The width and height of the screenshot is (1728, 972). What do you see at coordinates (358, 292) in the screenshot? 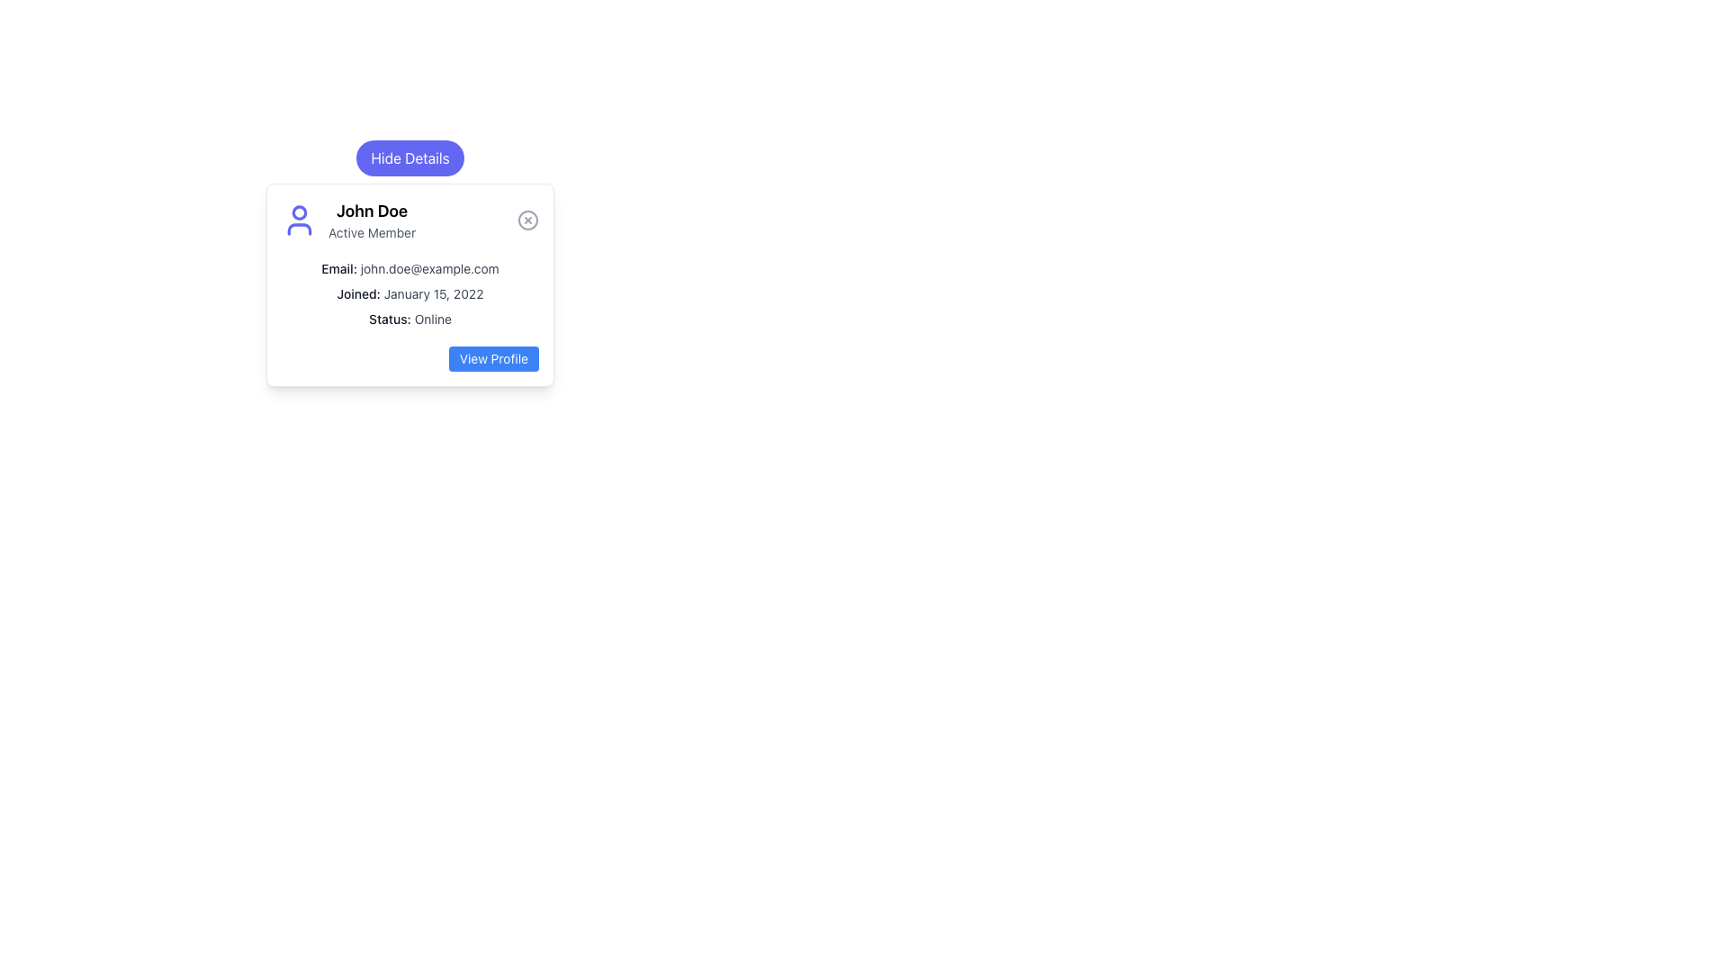
I see `the text label displaying 'Joined:' which is centrally located within the profile card, below the email information` at bounding box center [358, 292].